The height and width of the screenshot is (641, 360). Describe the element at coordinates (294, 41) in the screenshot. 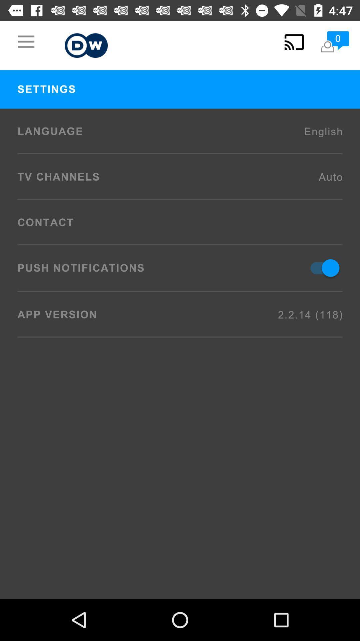

I see `the item to the left of 0 icon` at that location.